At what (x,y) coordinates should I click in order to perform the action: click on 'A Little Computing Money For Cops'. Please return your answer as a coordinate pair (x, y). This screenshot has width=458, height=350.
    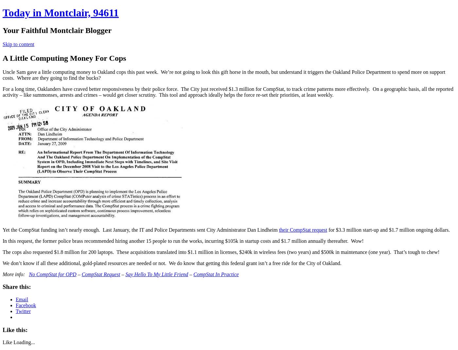
    Looking at the image, I should click on (64, 58).